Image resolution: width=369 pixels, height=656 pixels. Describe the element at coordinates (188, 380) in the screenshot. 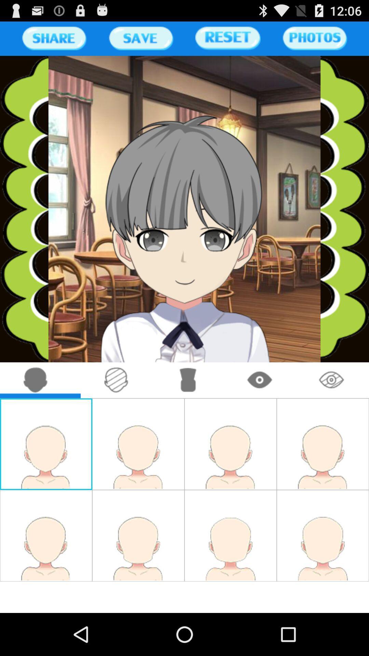

I see `neck tie options` at that location.